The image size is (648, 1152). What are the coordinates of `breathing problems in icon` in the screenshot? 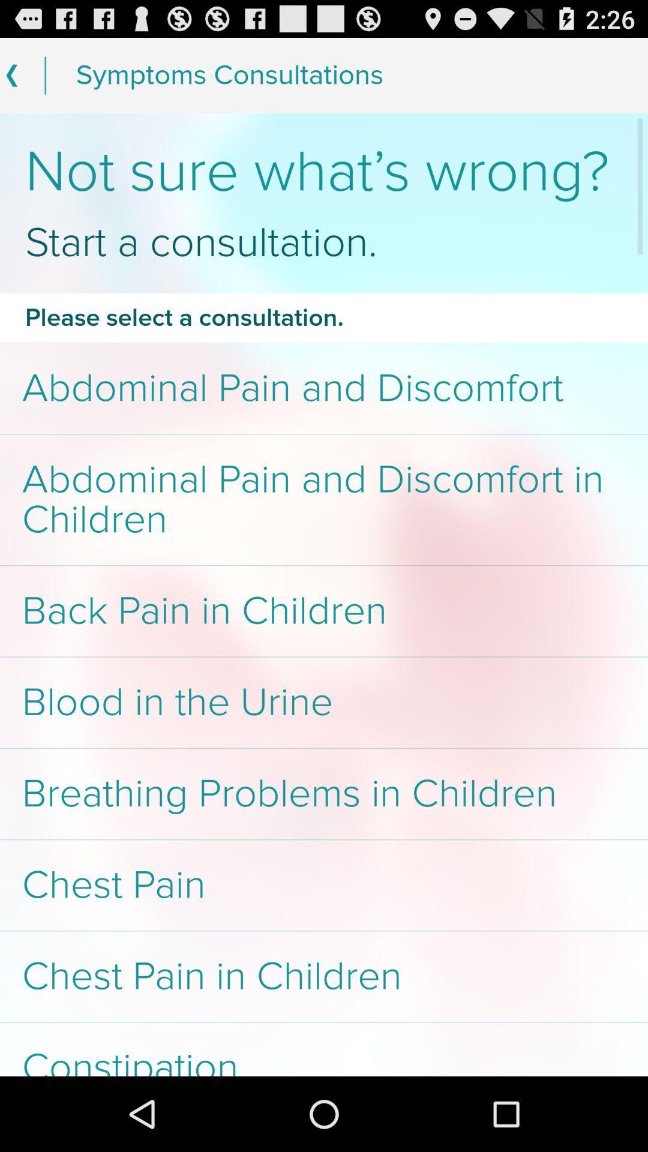 It's located at (324, 794).